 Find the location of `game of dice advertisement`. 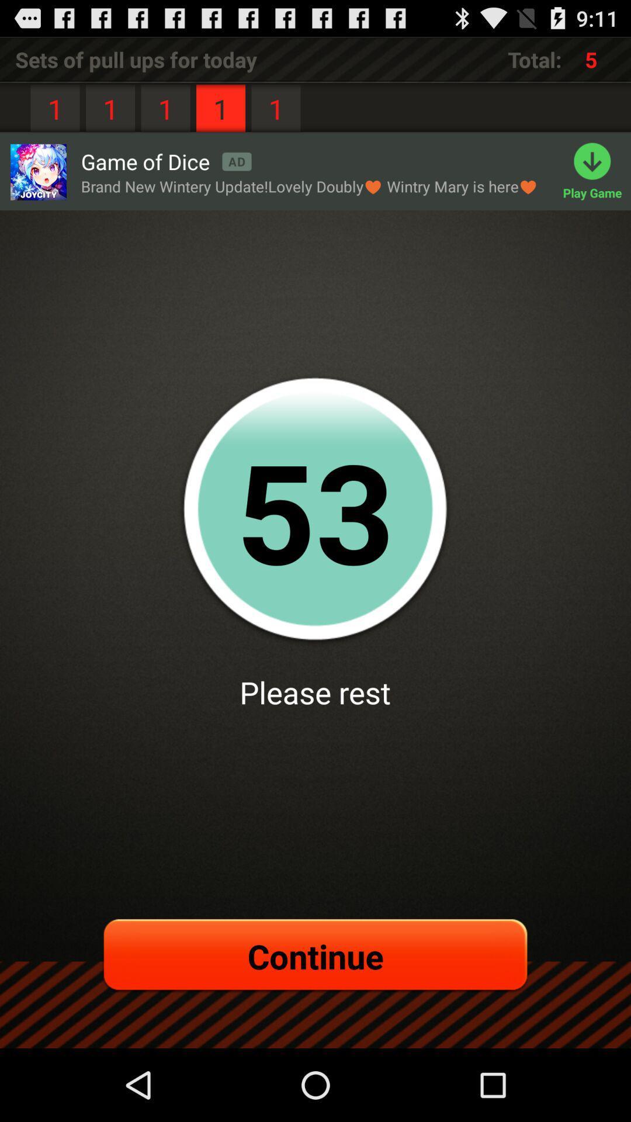

game of dice advertisement is located at coordinates (37, 171).